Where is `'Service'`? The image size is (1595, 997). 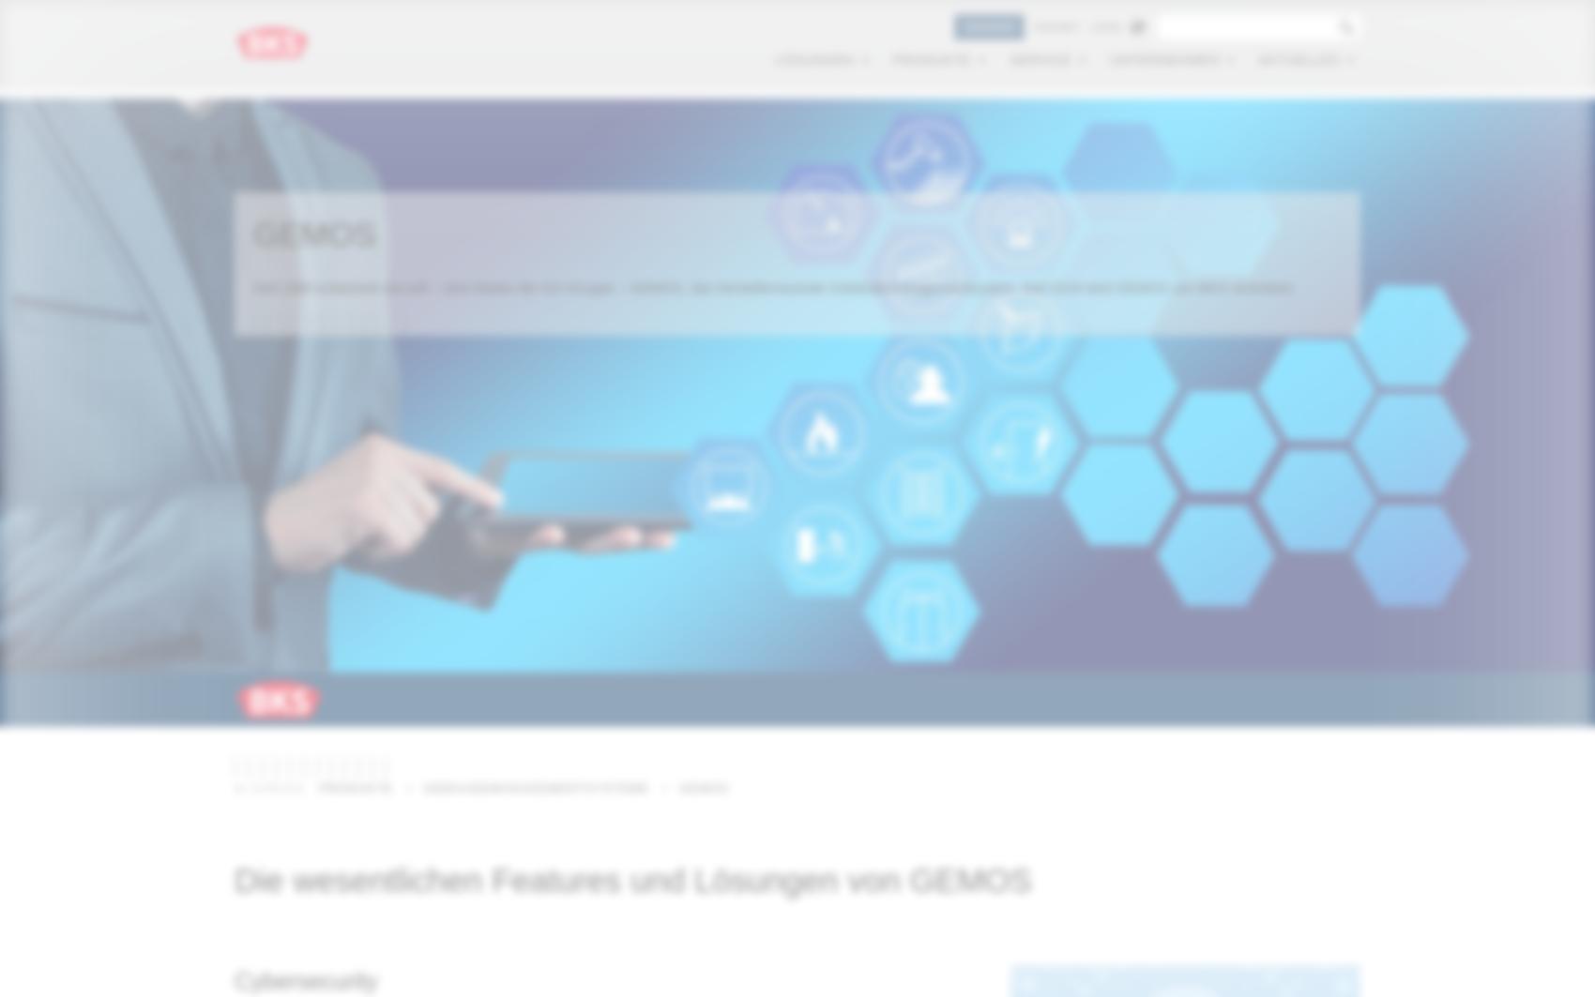
'Service' is located at coordinates (1009, 63).